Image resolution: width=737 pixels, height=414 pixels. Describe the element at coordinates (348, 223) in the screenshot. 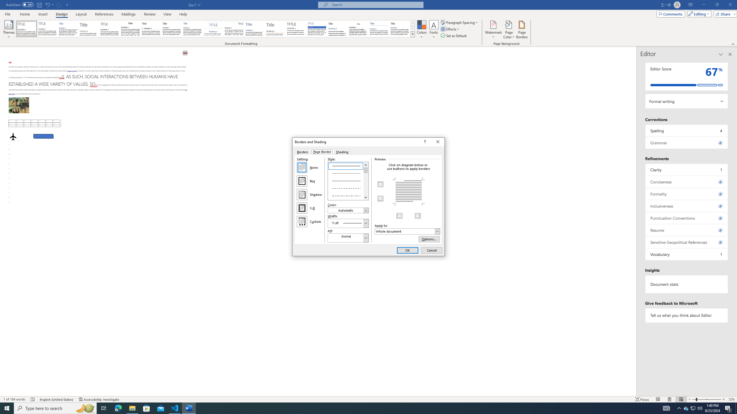

I see `'Width:'` at that location.